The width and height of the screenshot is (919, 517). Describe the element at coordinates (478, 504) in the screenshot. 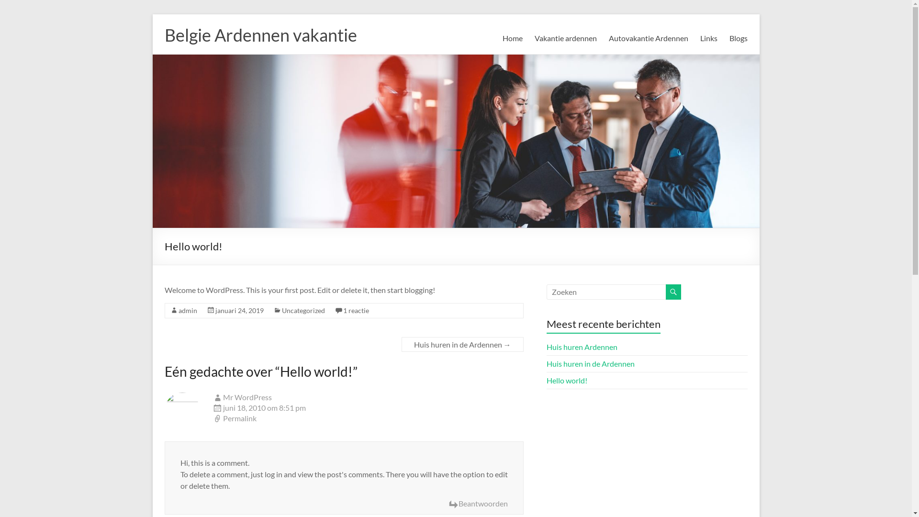

I see `'Beantwoorden'` at that location.